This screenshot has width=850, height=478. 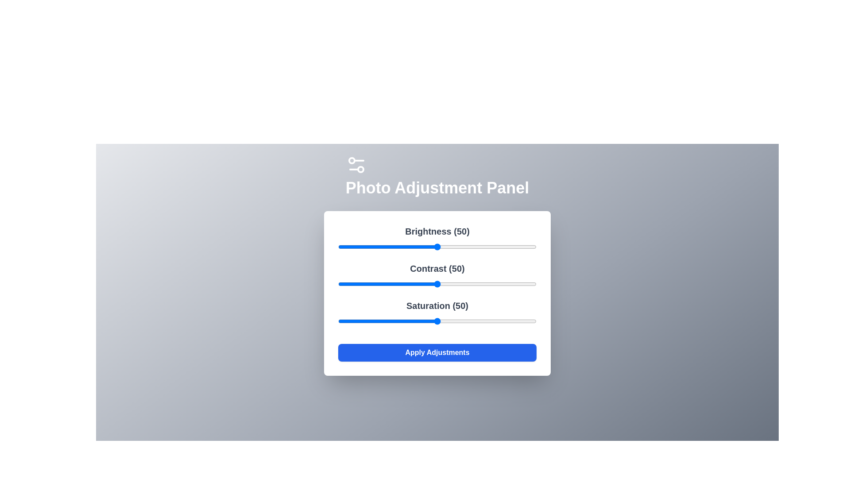 I want to click on the 0 slider to 81, so click(x=498, y=247).